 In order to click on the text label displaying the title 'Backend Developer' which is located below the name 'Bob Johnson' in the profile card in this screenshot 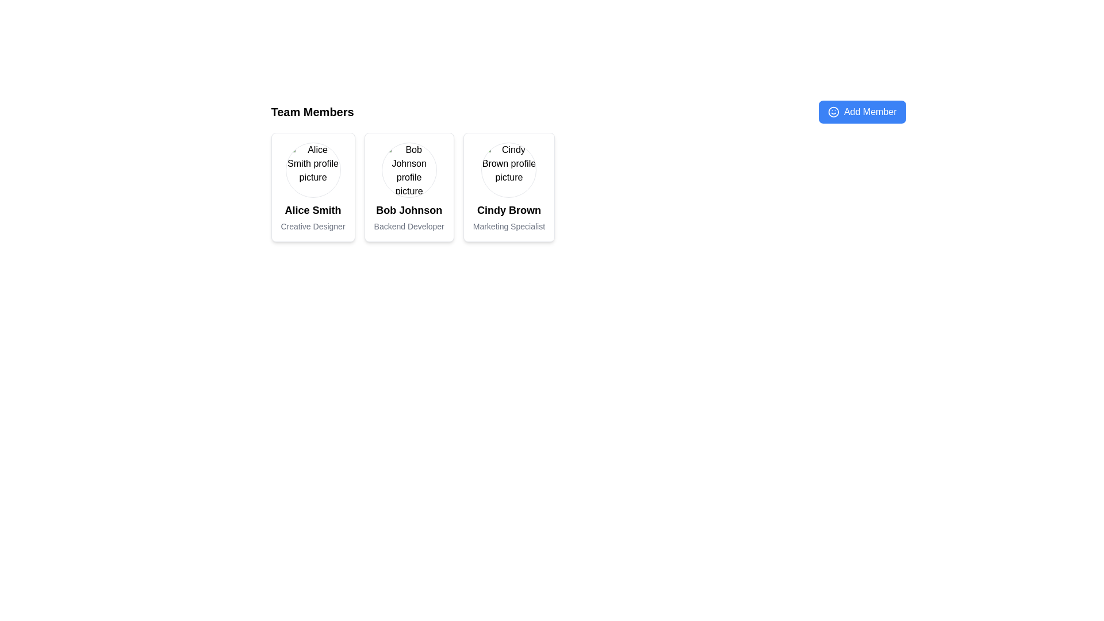, I will do `click(409, 226)`.